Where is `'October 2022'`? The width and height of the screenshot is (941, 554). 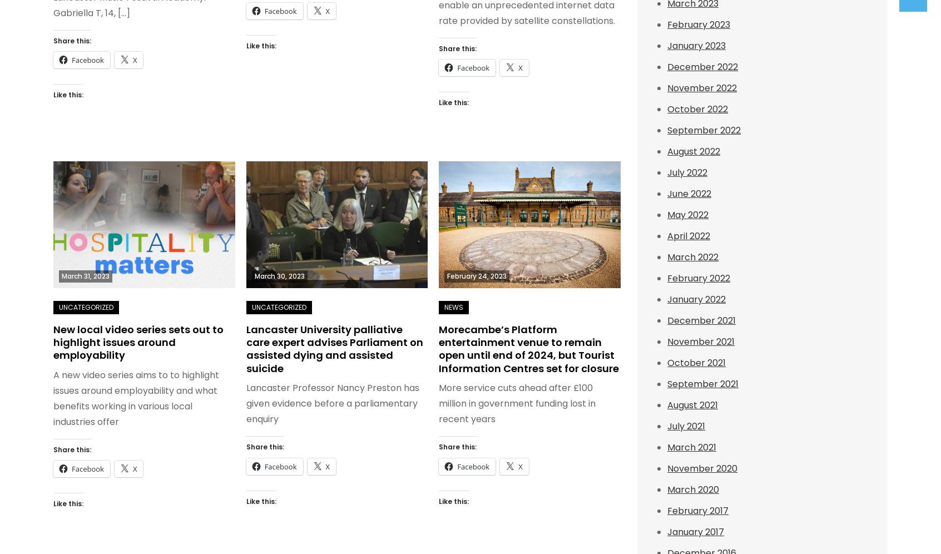
'October 2022' is located at coordinates (697, 109).